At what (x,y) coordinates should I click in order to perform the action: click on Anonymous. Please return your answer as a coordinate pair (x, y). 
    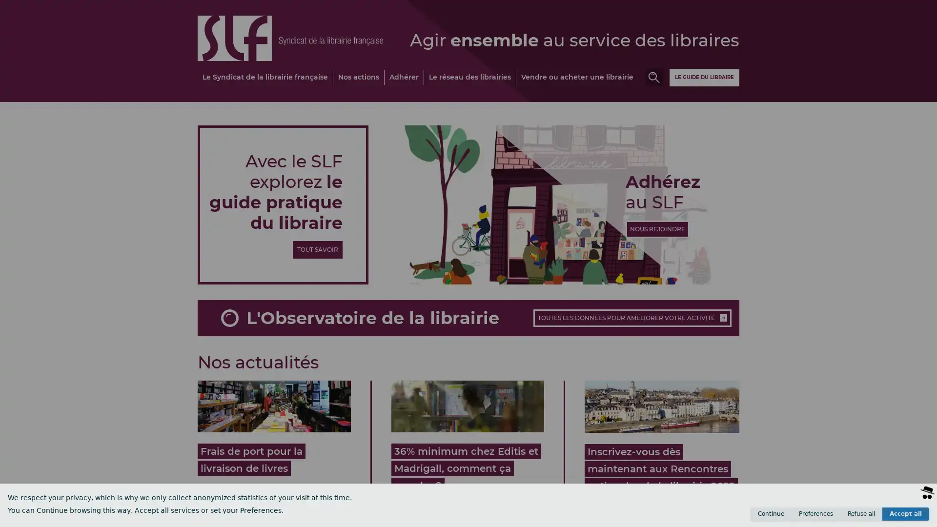
    Looking at the image, I should click on (835, 517).